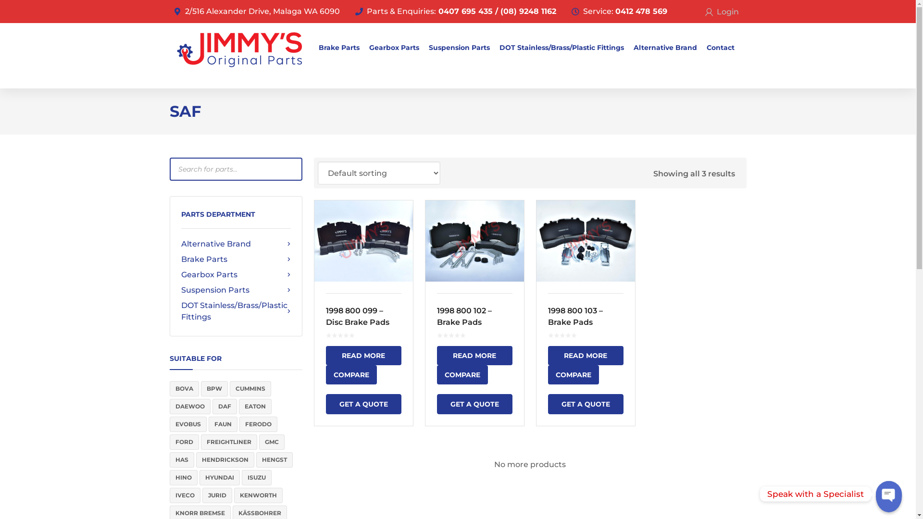 The image size is (923, 519). I want to click on 'Contact', so click(720, 48).